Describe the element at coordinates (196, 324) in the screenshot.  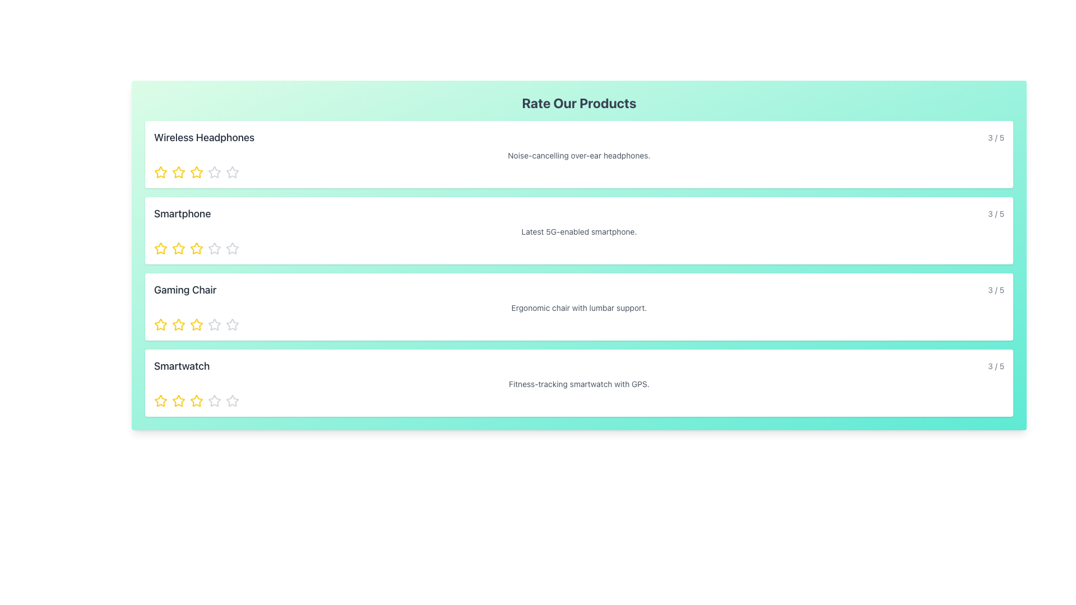
I see `the third Rating Star Icon in the rating row for 'Gaming Chair'` at that location.